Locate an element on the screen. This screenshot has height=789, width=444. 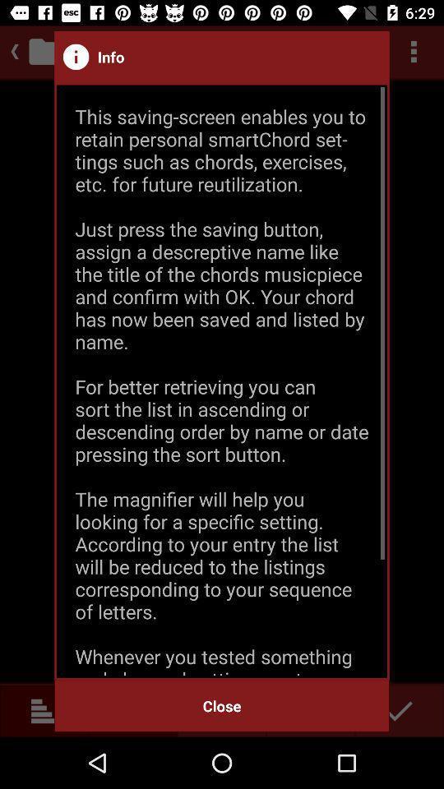
close icon is located at coordinates (222, 705).